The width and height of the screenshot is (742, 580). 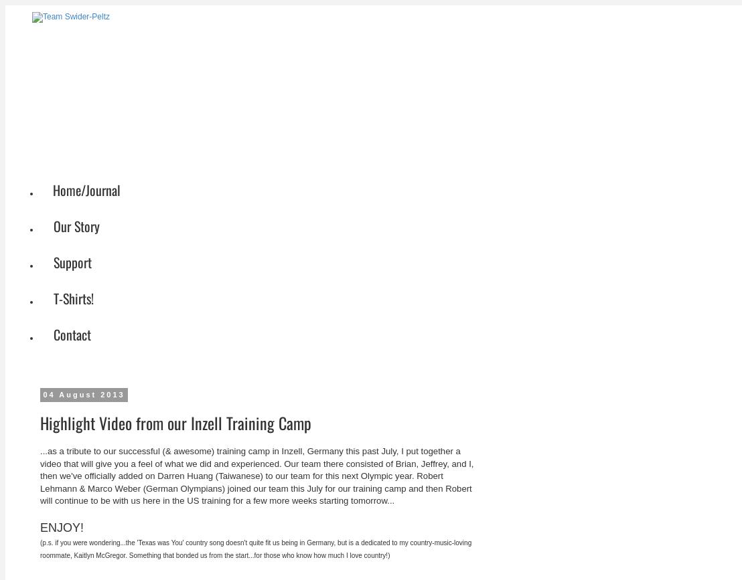 What do you see at coordinates (83, 393) in the screenshot?
I see `'04 August 2013'` at bounding box center [83, 393].